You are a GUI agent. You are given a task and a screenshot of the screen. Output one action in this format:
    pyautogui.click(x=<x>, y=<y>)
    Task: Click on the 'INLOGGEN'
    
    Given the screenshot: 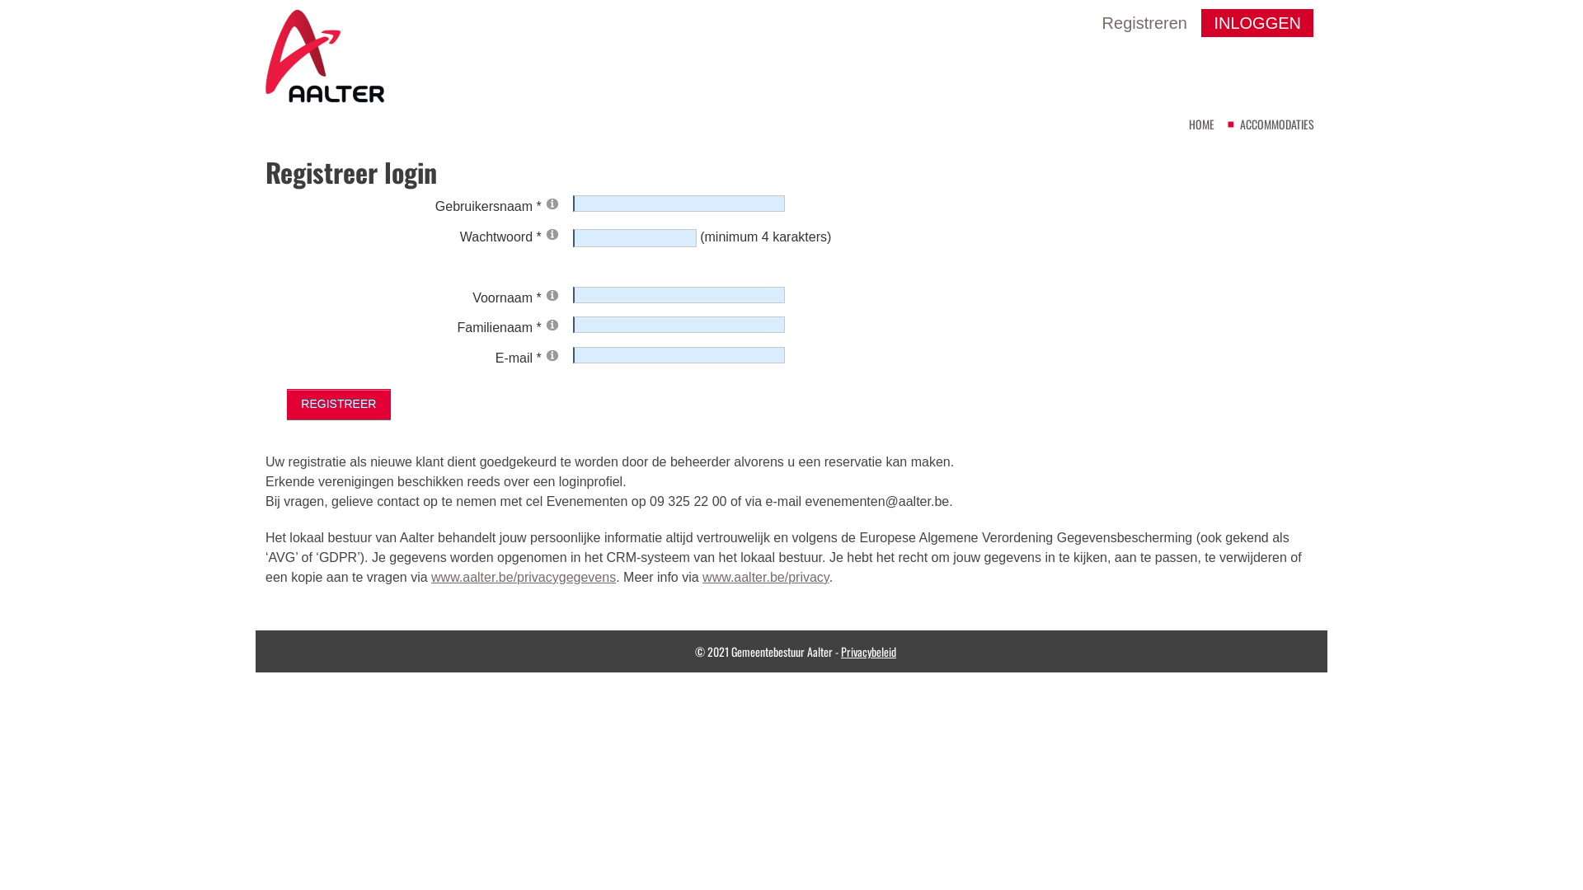 What is the action you would take?
    pyautogui.click(x=1201, y=22)
    